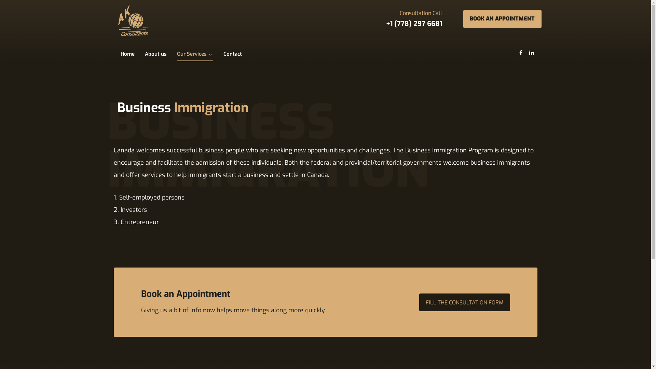 This screenshot has width=656, height=369. What do you see at coordinates (132, 20) in the screenshot?
I see `'AK Immigration Consultants Inc.'` at bounding box center [132, 20].